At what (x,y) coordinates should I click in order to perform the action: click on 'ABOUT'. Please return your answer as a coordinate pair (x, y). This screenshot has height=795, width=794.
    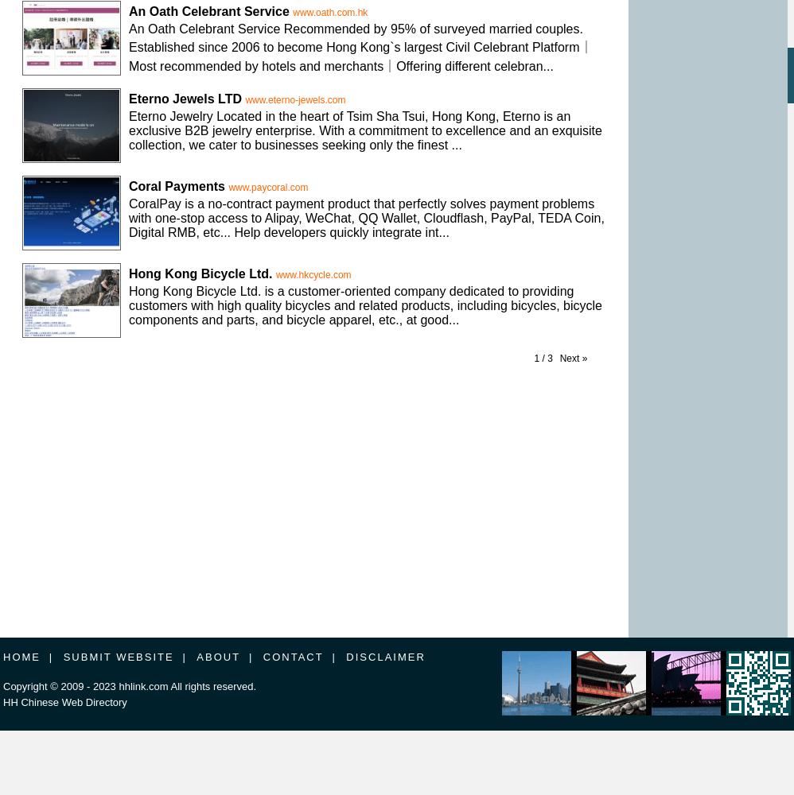
    Looking at the image, I should click on (217, 656).